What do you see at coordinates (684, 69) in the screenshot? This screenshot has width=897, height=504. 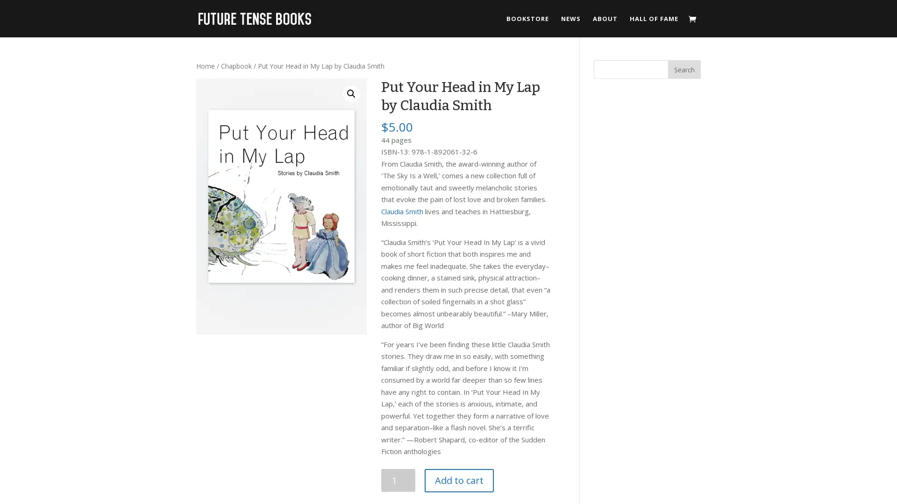 I see `Search` at bounding box center [684, 69].